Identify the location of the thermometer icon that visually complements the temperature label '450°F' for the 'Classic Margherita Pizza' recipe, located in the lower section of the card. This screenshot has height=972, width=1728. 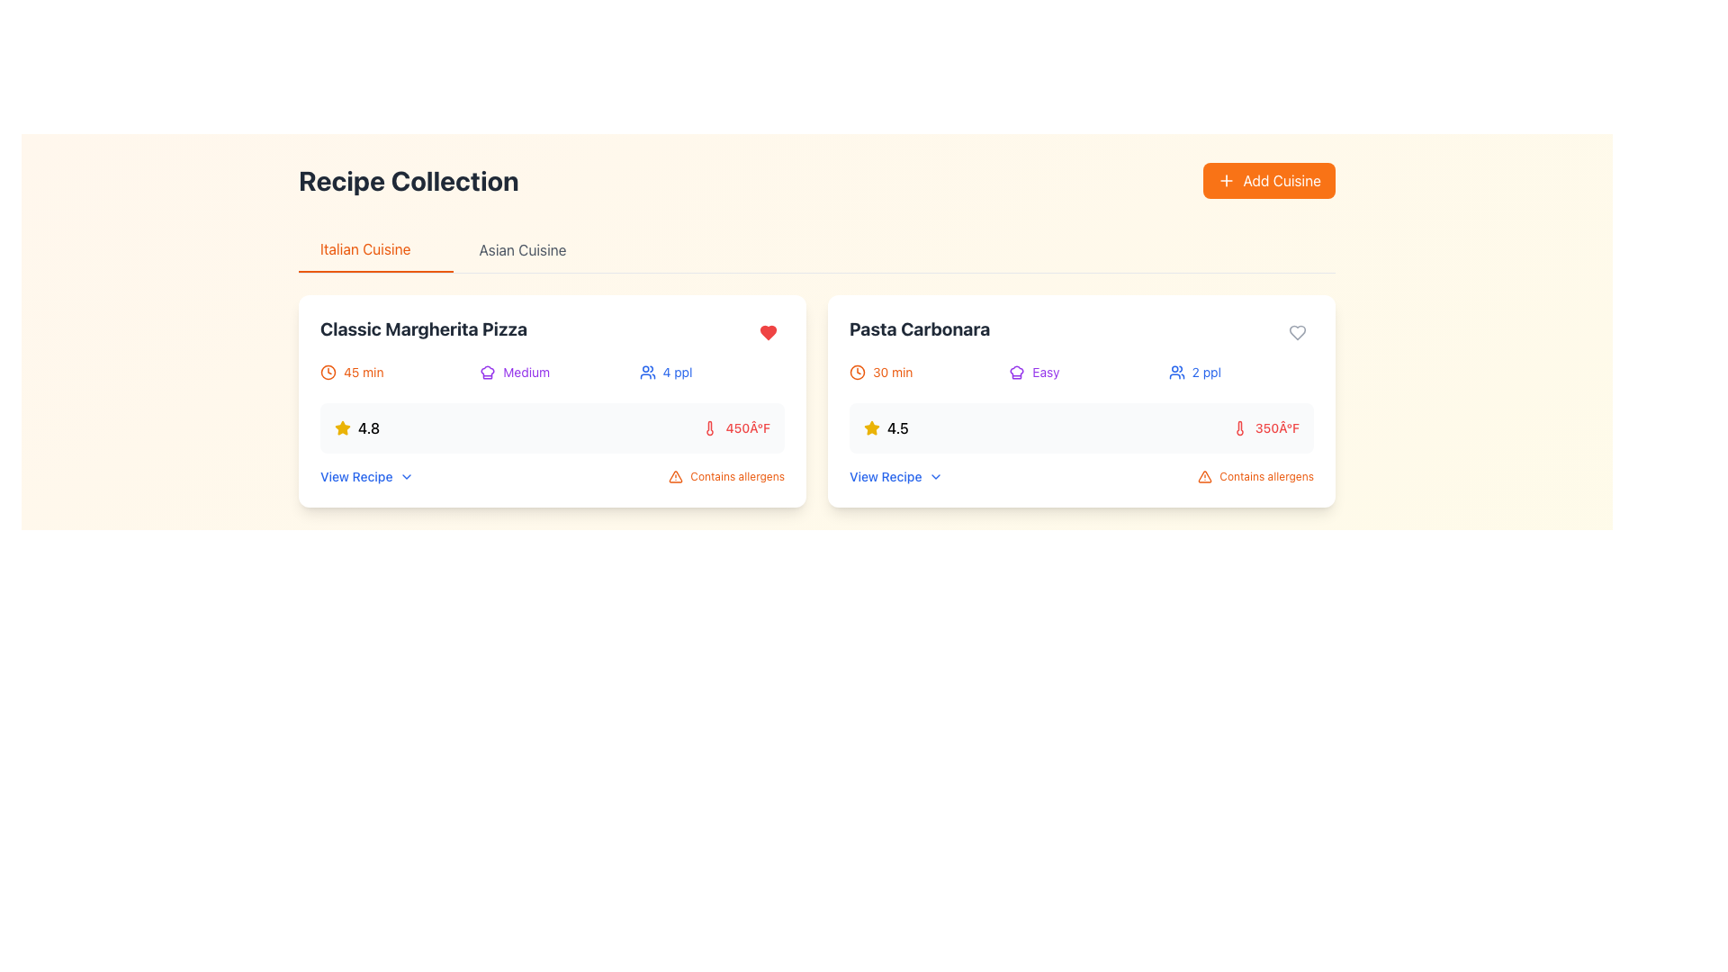
(709, 427).